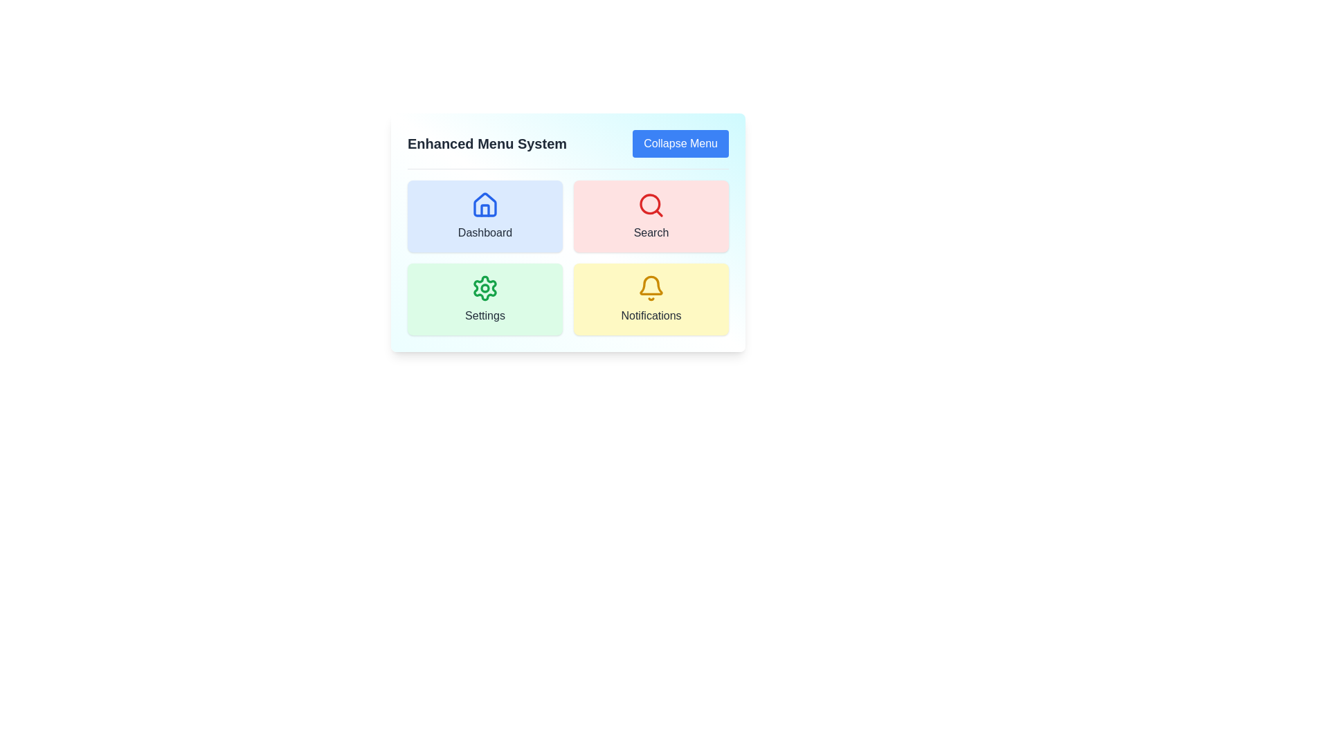 The width and height of the screenshot is (1329, 747). Describe the element at coordinates (485, 216) in the screenshot. I see `the 'Dashboard' button, which is a light blue rectangular button with a house icon and gray text, to observe the tooltip or styling change` at that location.